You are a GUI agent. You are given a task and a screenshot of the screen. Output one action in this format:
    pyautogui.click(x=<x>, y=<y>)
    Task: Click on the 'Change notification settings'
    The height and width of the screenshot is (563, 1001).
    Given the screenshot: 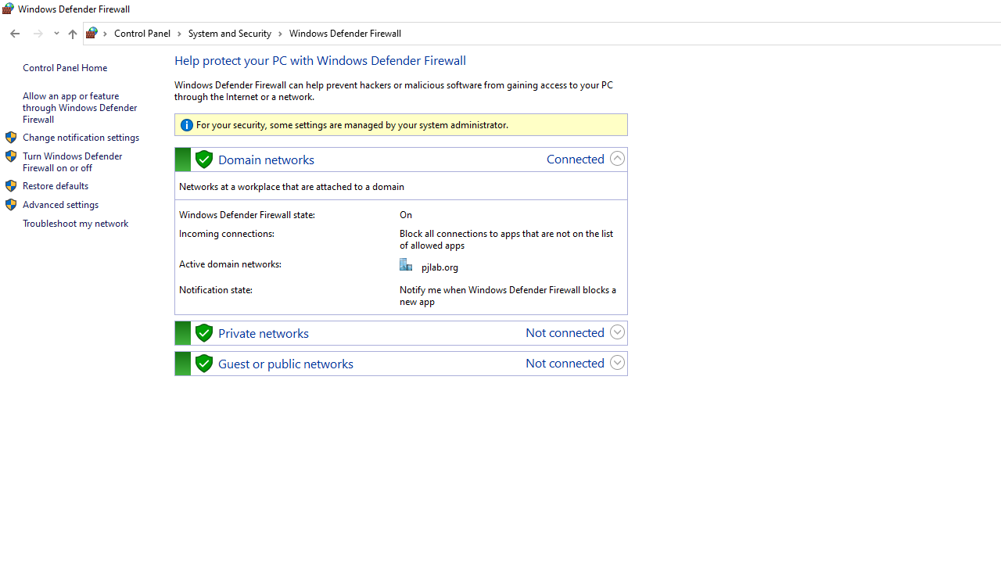 What is the action you would take?
    pyautogui.click(x=80, y=136)
    